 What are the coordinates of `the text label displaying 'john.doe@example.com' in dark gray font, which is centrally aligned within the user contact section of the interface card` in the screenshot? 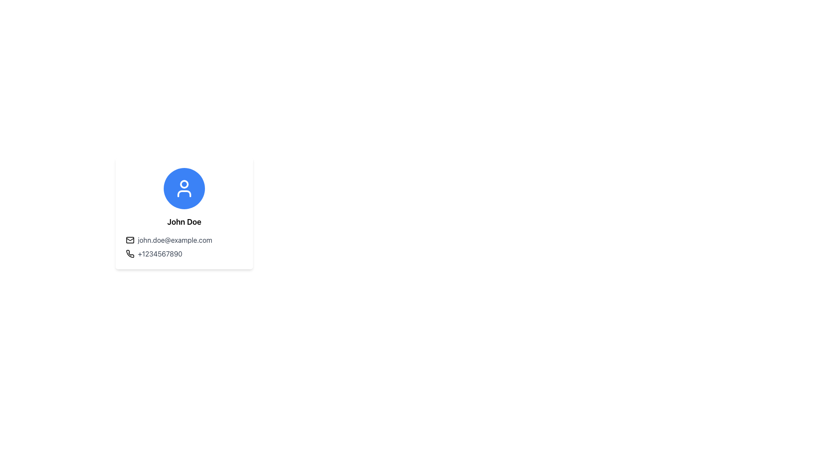 It's located at (174, 240).